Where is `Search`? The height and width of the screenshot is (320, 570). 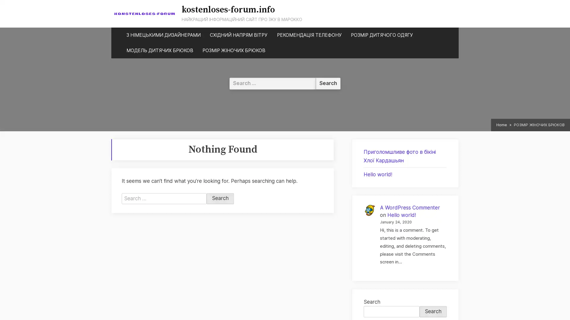
Search is located at coordinates (328, 83).